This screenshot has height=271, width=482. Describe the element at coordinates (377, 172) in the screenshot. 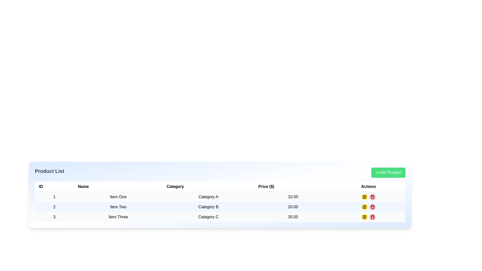

I see `the 'Add Product' button icon, which is located in the top-right corner above the product information table, and is visually represented before the text label 'Add Product'` at that location.